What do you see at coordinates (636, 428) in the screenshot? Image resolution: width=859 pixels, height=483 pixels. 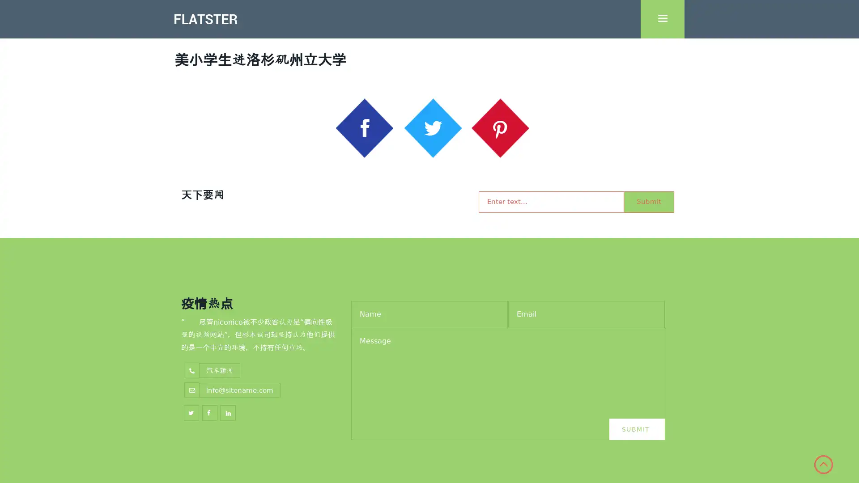 I see `Submit` at bounding box center [636, 428].